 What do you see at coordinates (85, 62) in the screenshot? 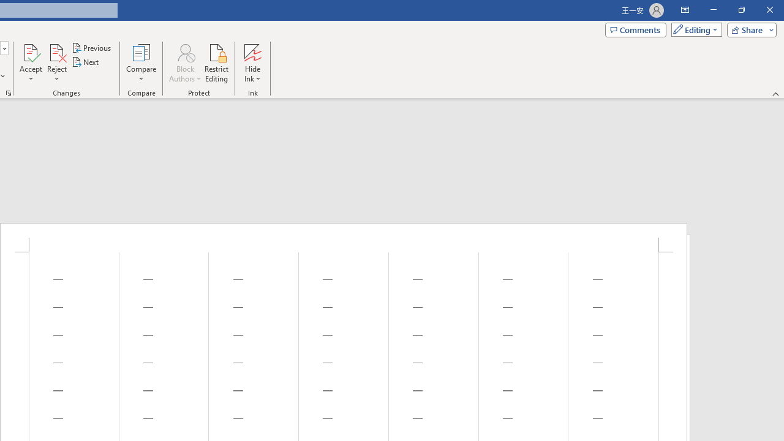
I see `'Next'` at bounding box center [85, 62].